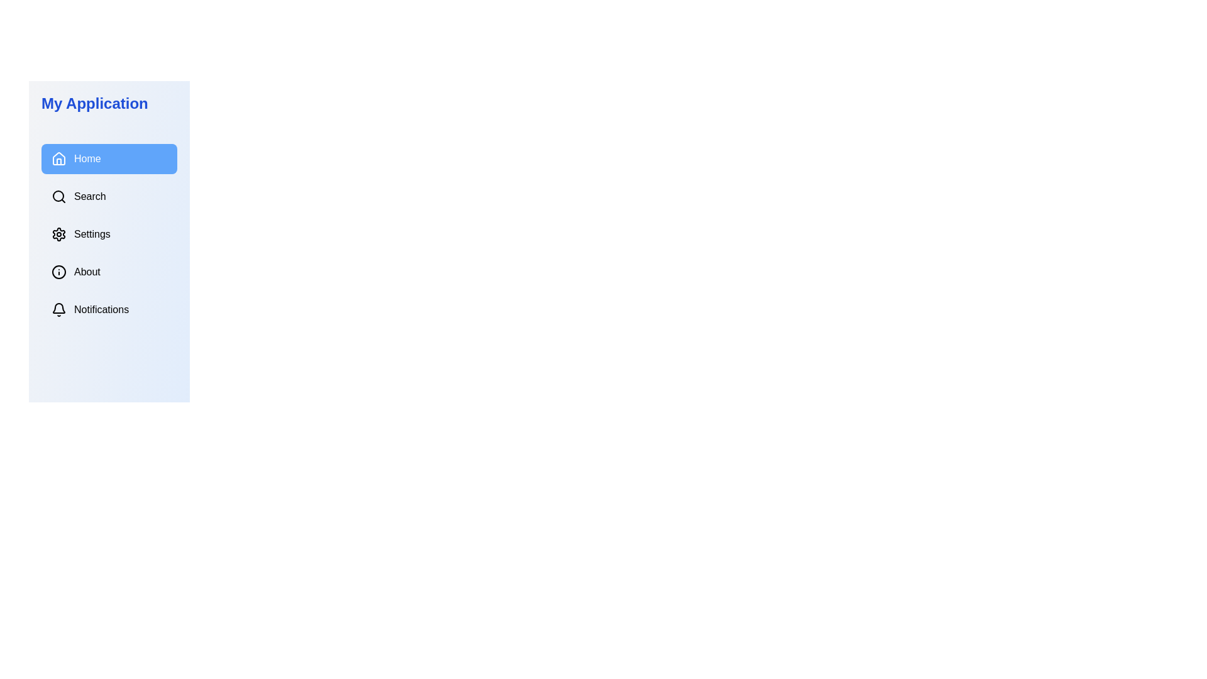 This screenshot has width=1207, height=679. What do you see at coordinates (58, 310) in the screenshot?
I see `the bell icon in the notifications menu item located in the left sidebar, which is the fifth item in the list` at bounding box center [58, 310].